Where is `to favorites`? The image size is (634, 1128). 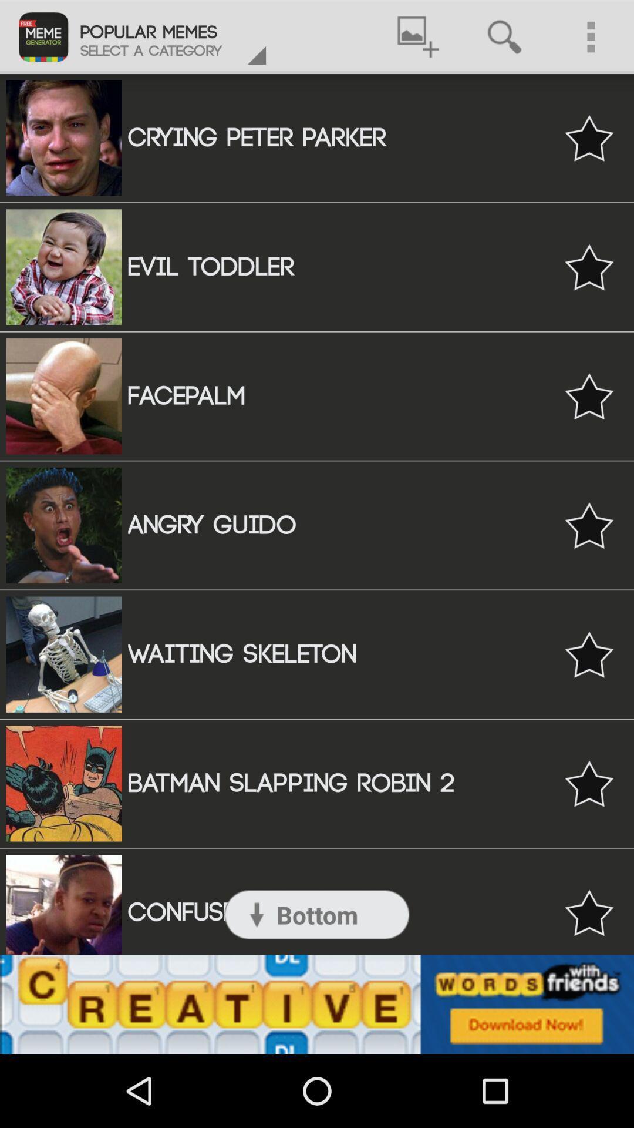 to favorites is located at coordinates (589, 266).